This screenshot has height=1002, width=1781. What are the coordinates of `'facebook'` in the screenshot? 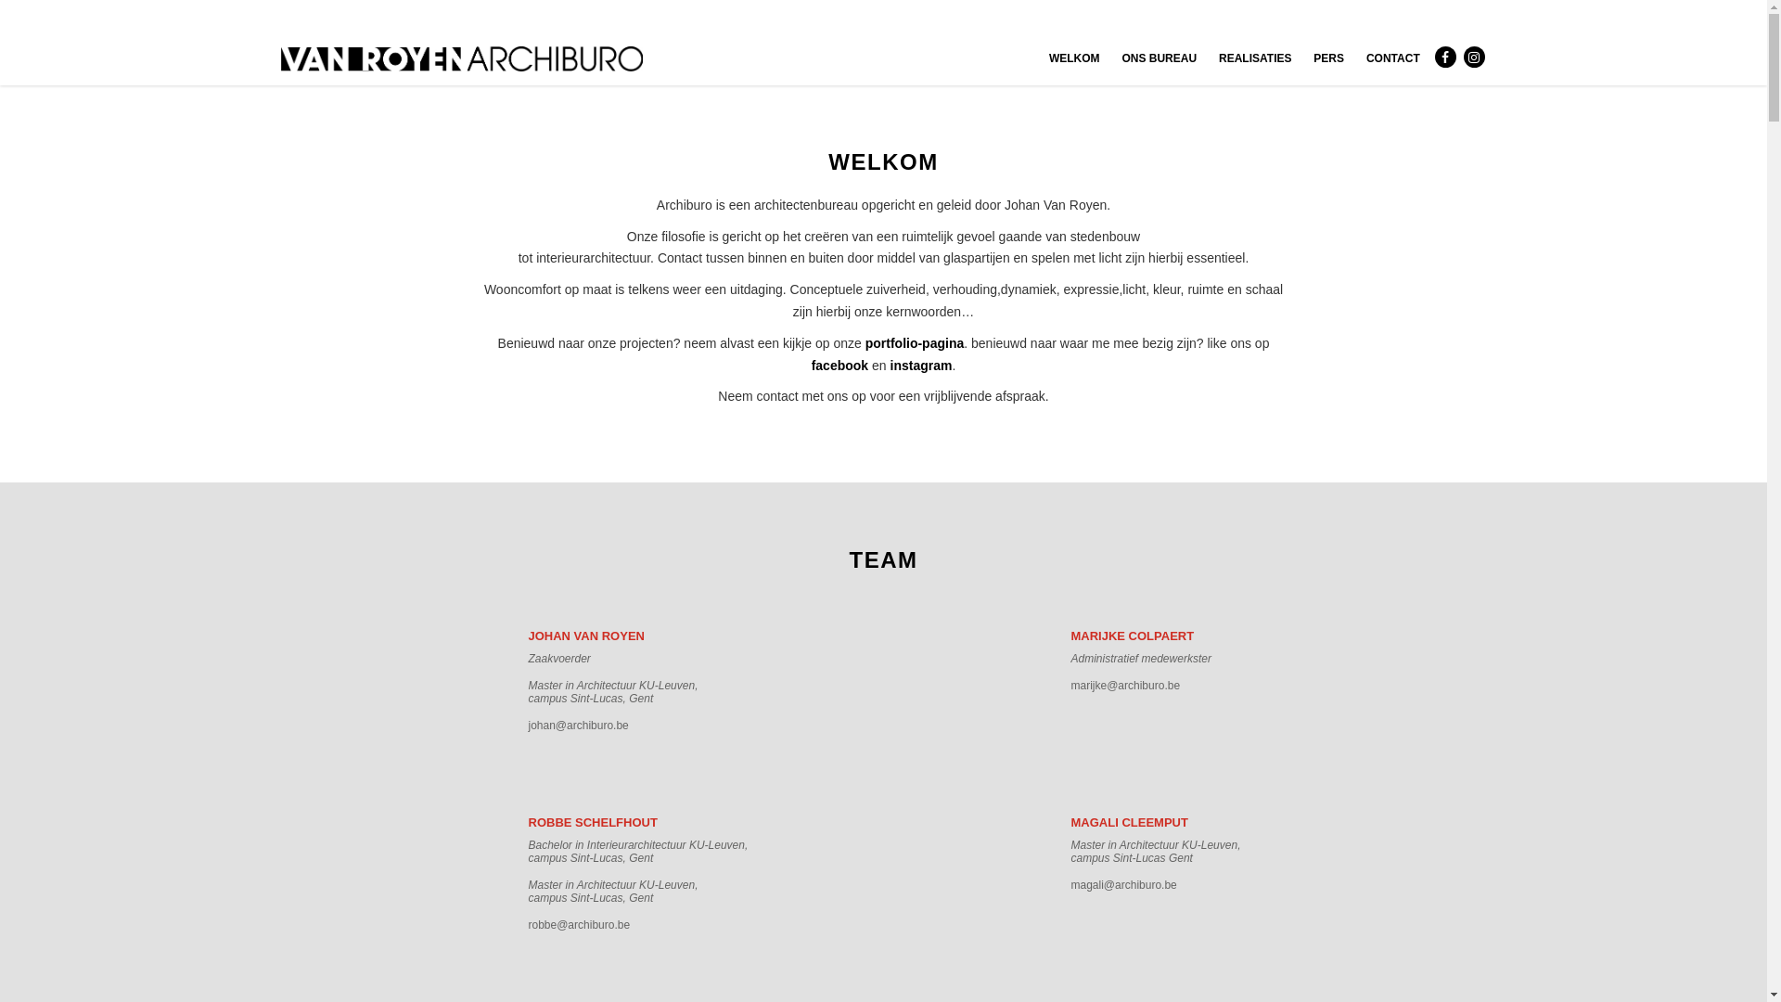 It's located at (839, 365).